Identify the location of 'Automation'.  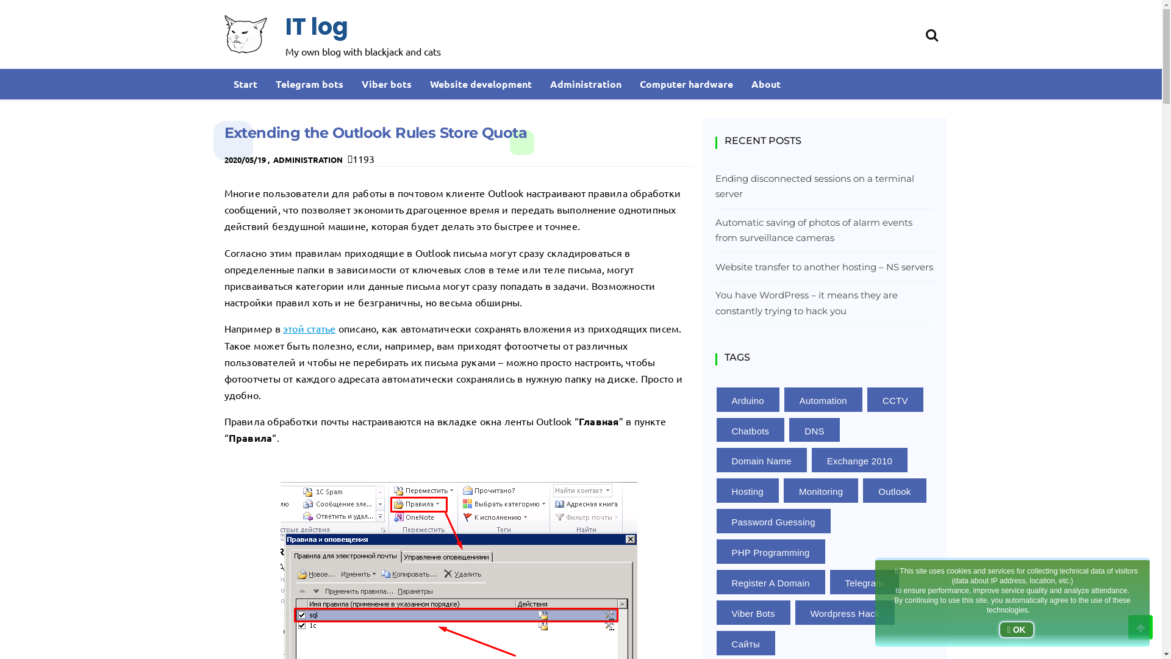
(823, 400).